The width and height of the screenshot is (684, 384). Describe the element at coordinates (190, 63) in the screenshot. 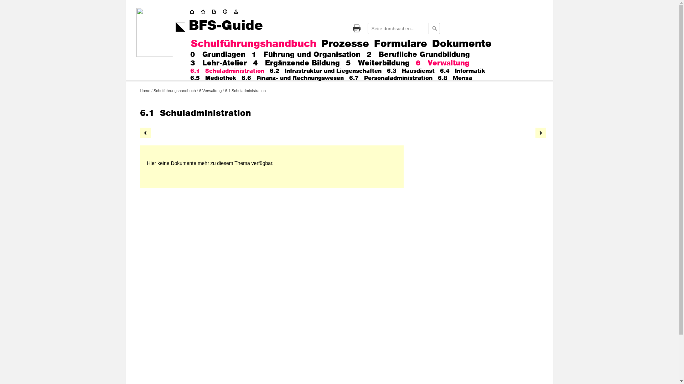

I see `'3   Lehr-Atelier'` at that location.